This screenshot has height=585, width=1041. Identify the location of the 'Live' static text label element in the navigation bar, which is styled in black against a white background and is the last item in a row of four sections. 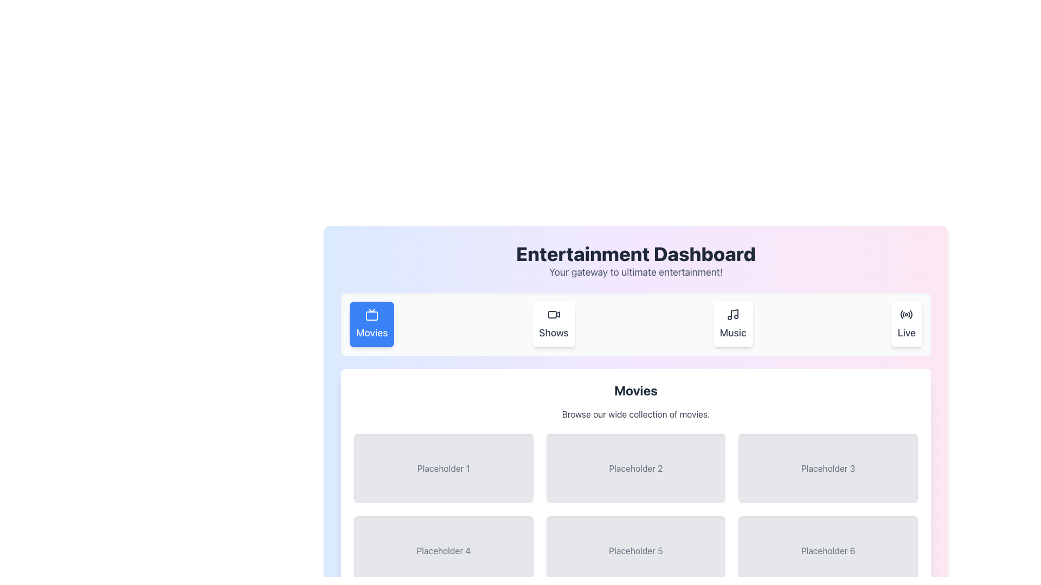
(907, 332).